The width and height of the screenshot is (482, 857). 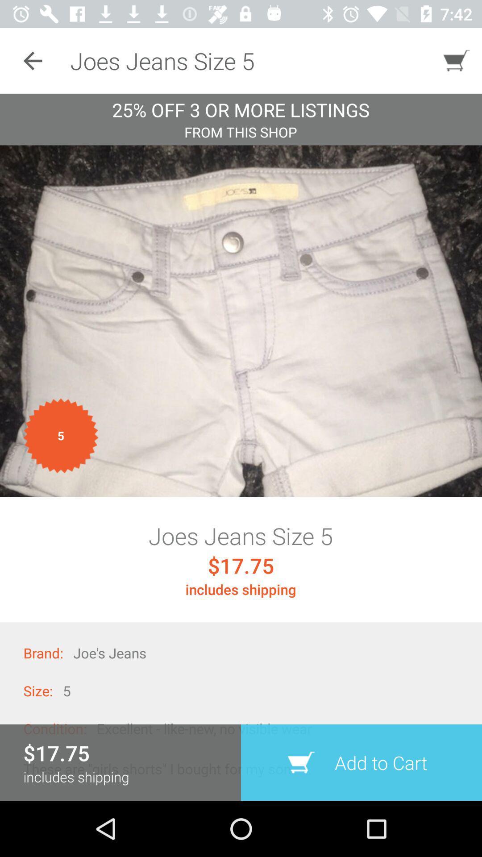 What do you see at coordinates (361, 762) in the screenshot?
I see `the add to cart icon` at bounding box center [361, 762].